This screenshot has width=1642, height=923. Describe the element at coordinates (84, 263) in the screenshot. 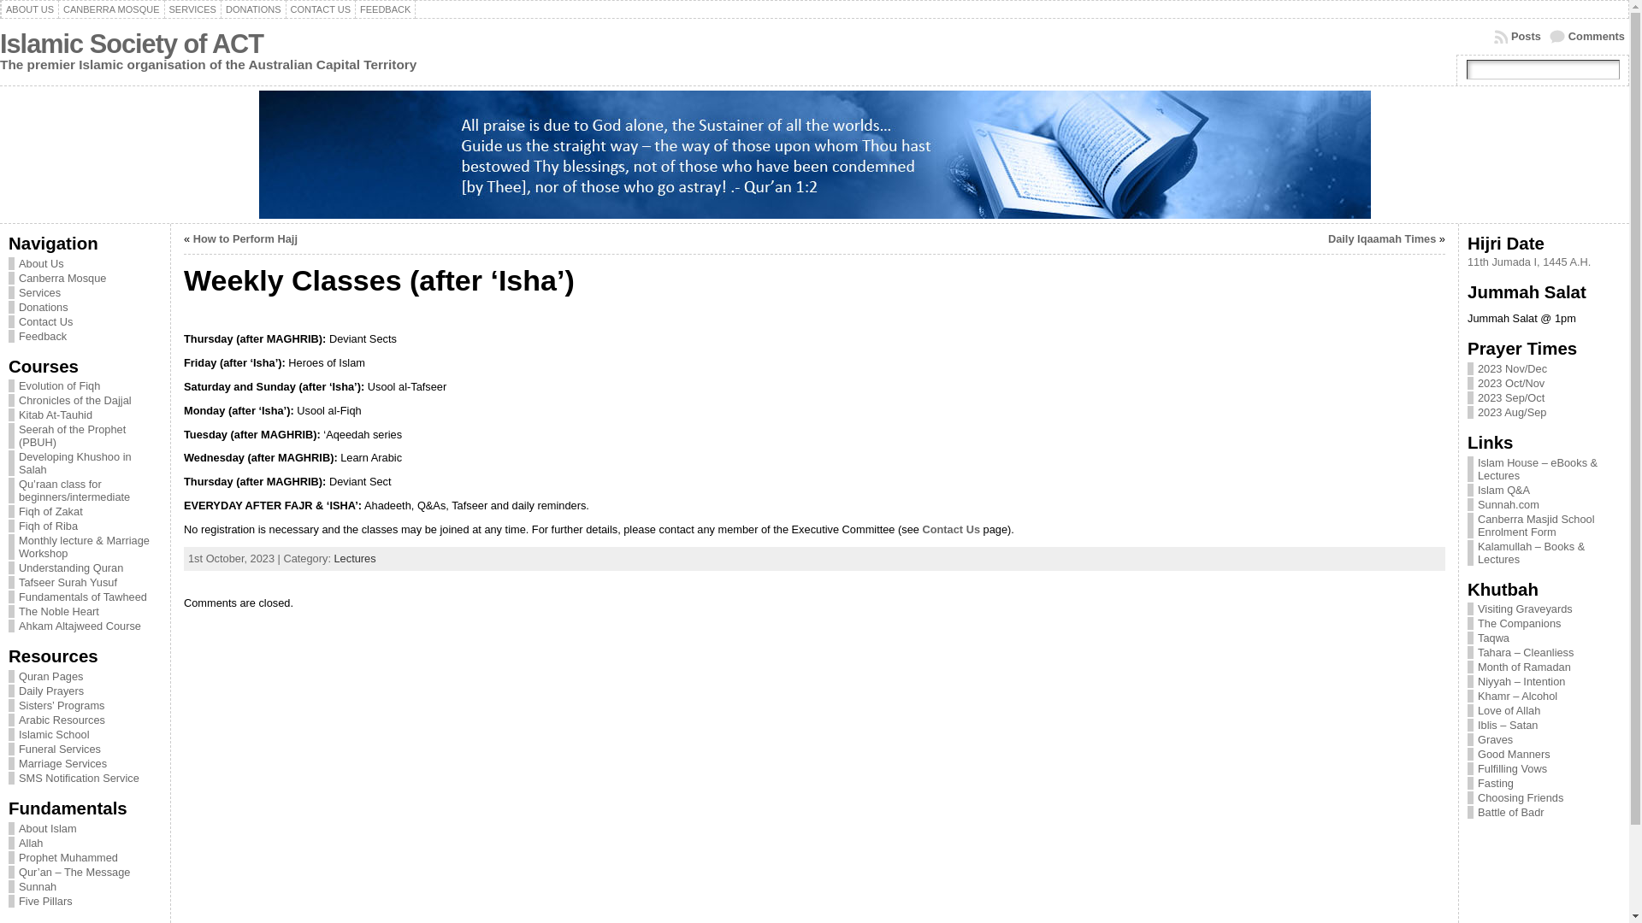

I see `'About Us'` at that location.